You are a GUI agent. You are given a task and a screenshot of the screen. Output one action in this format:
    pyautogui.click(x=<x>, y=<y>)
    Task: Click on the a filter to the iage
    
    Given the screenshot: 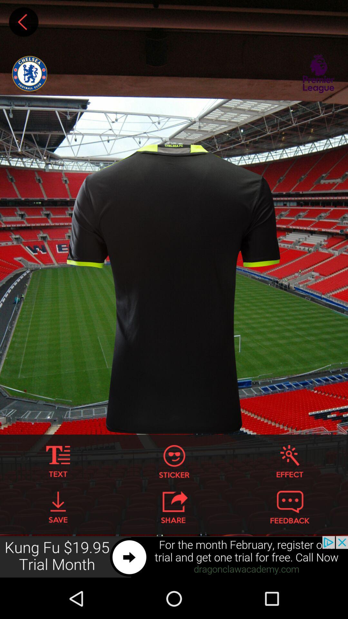 What is the action you would take?
    pyautogui.click(x=289, y=461)
    